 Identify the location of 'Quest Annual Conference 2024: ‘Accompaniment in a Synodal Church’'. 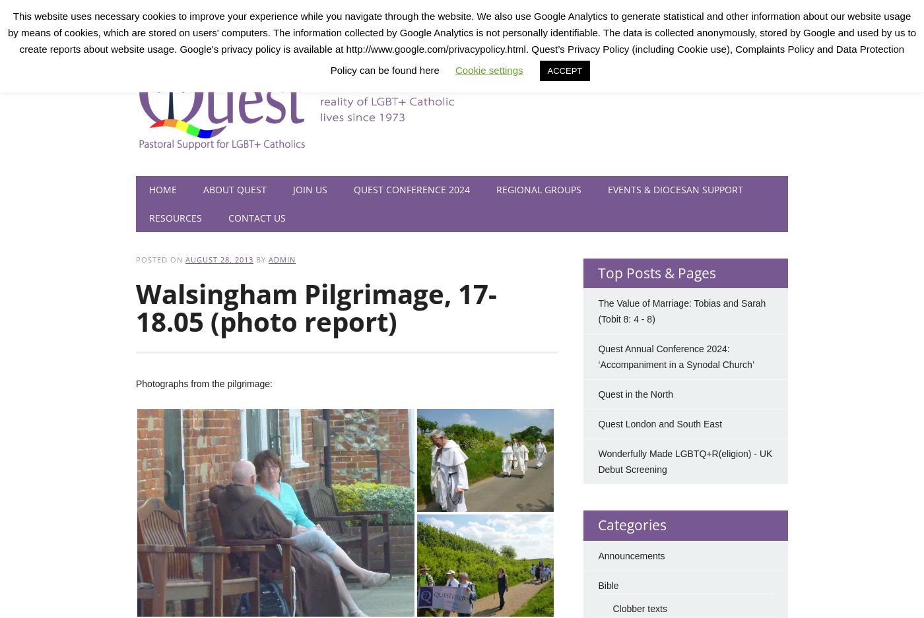
(597, 356).